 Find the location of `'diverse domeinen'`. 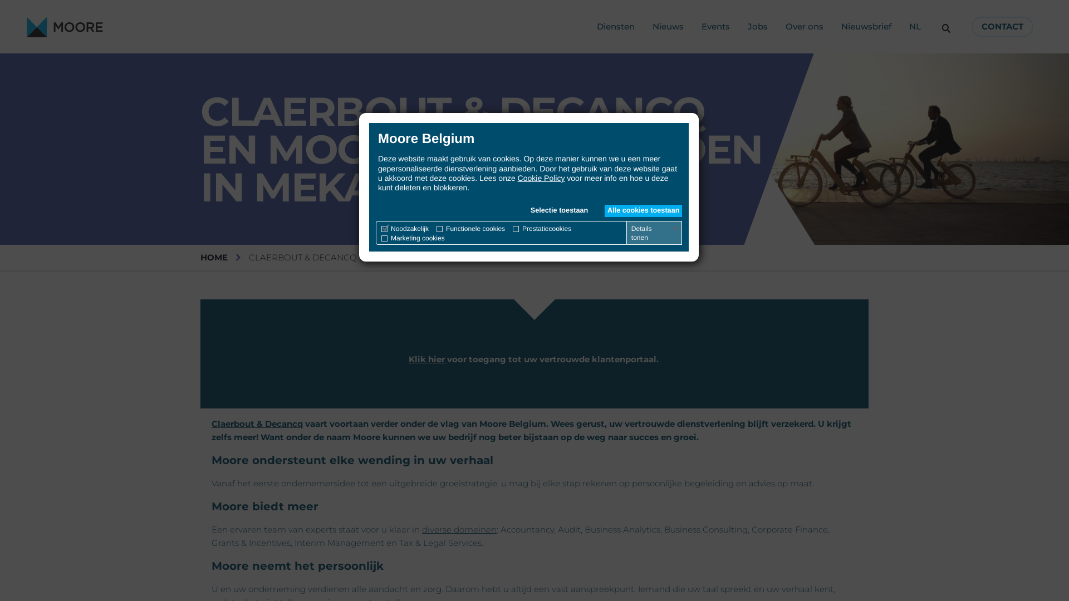

'diverse domeinen' is located at coordinates (459, 529).